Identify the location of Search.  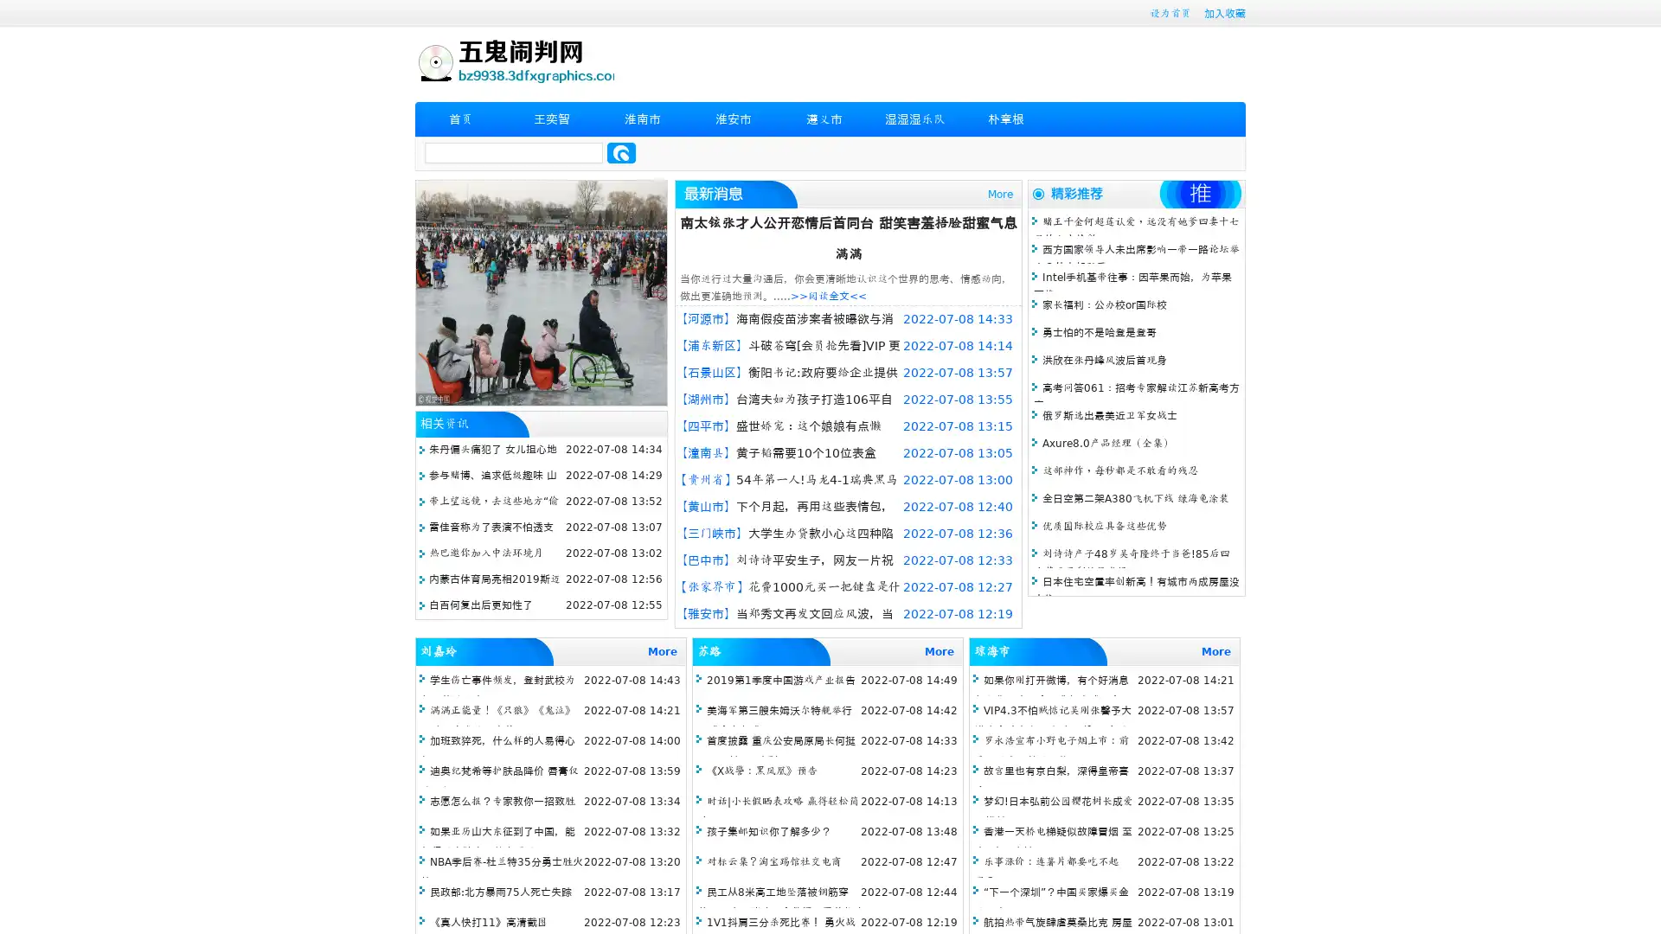
(621, 152).